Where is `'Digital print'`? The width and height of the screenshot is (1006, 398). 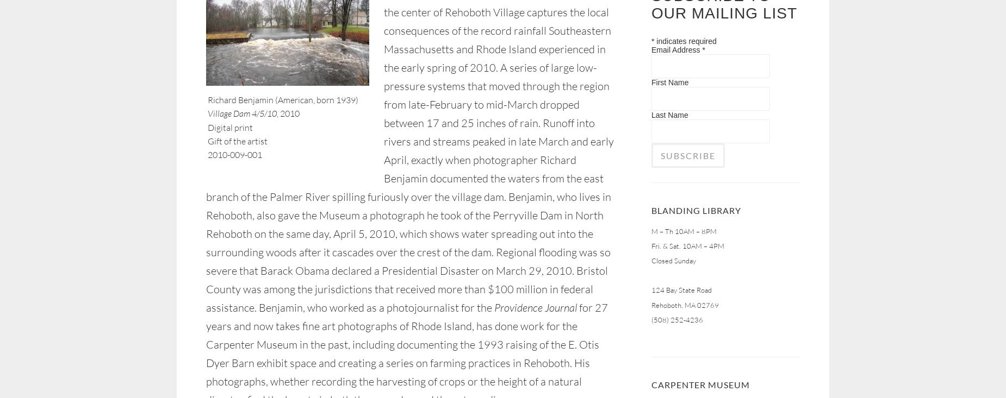 'Digital print' is located at coordinates (229, 127).